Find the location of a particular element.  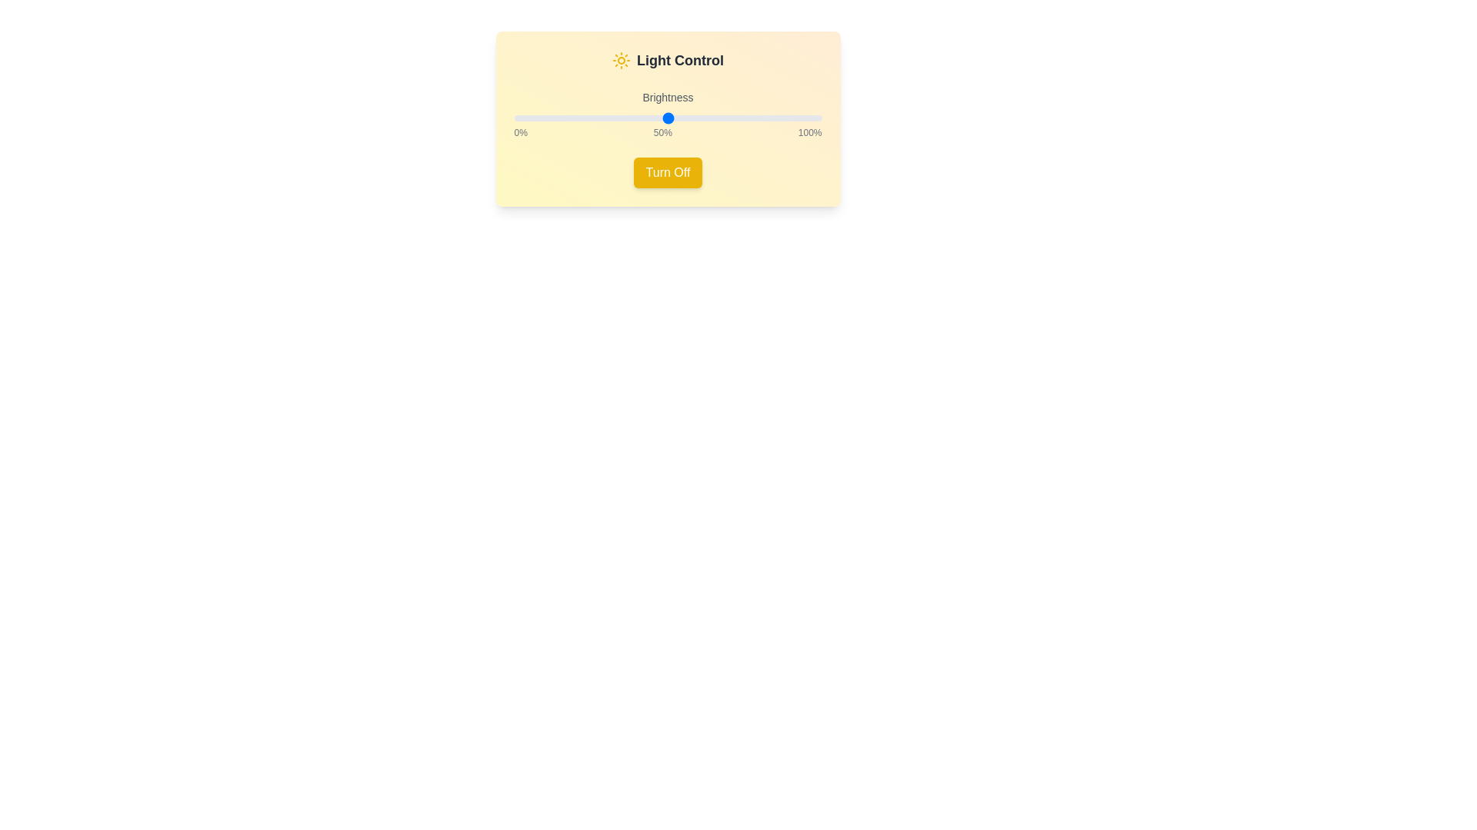

brightness is located at coordinates (665, 118).